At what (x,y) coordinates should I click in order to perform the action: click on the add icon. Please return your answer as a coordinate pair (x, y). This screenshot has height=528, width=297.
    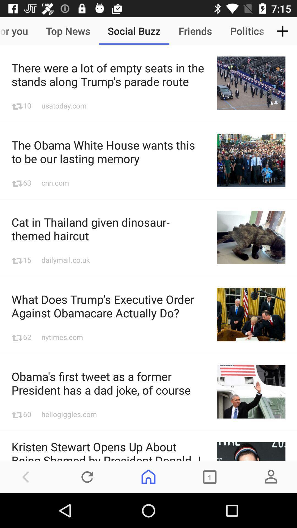
    Looking at the image, I should click on (282, 31).